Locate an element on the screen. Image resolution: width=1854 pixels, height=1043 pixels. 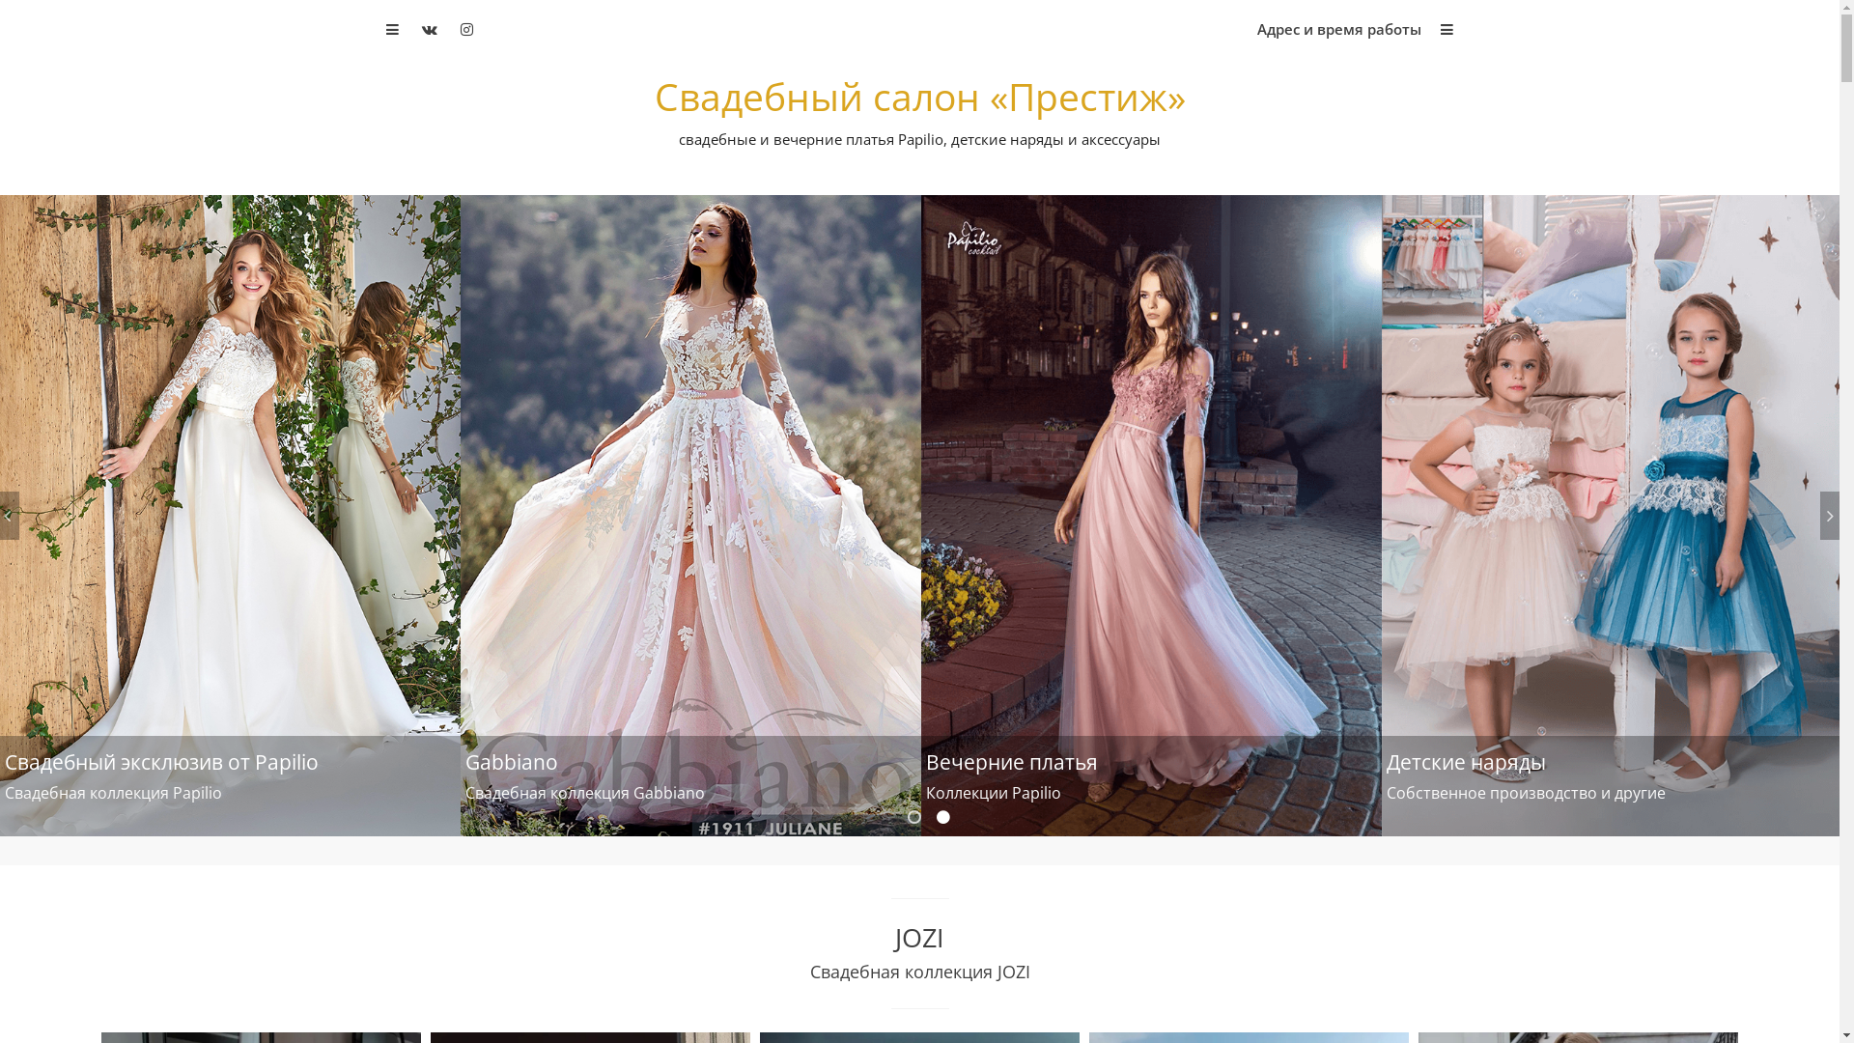
'PREVIOUS' is located at coordinates (9, 514).